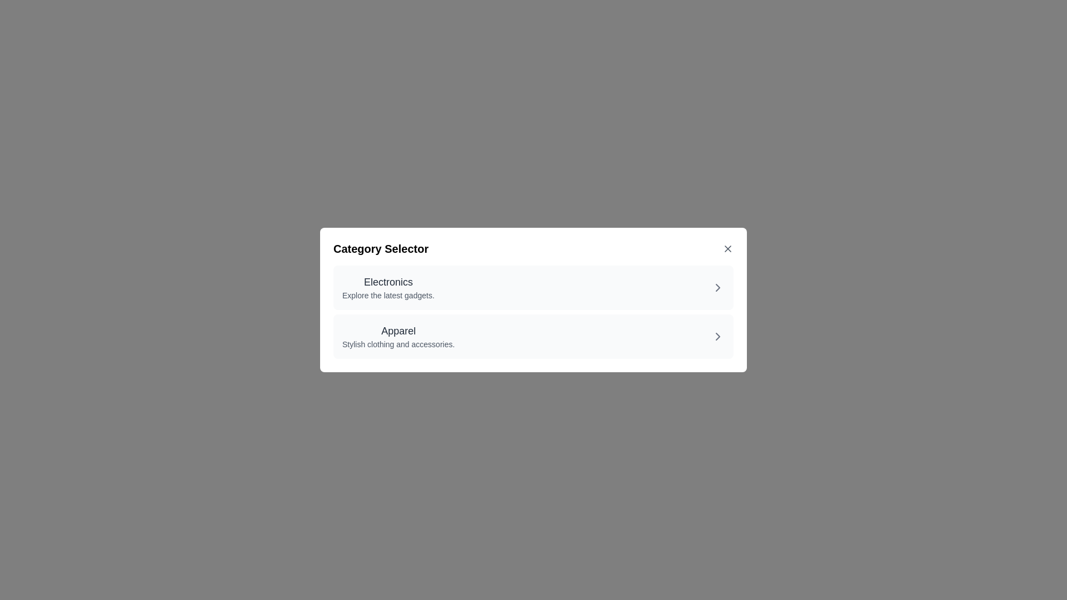 This screenshot has width=1067, height=600. What do you see at coordinates (717, 336) in the screenshot?
I see `the right-pointing chevron arrow icon located in the right side of the 'Apparel' row` at bounding box center [717, 336].